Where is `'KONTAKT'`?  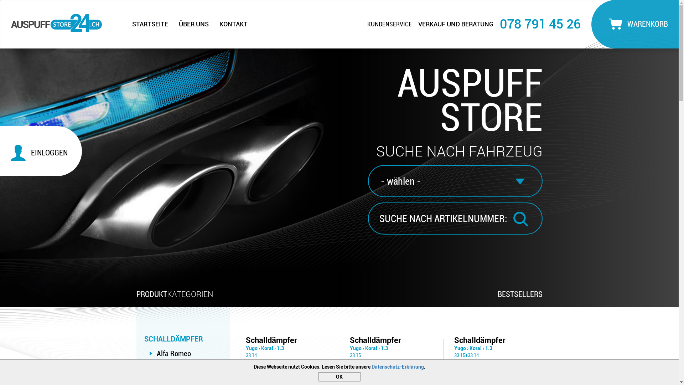
'KONTAKT' is located at coordinates (233, 24).